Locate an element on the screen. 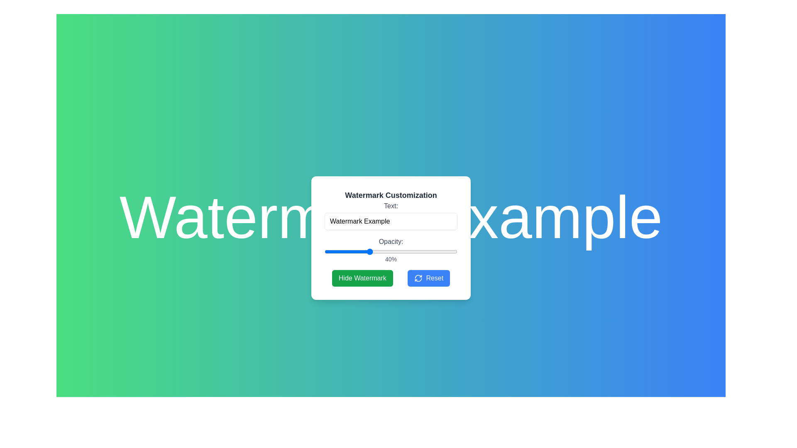 This screenshot has height=448, width=797. opacity is located at coordinates (330, 251).